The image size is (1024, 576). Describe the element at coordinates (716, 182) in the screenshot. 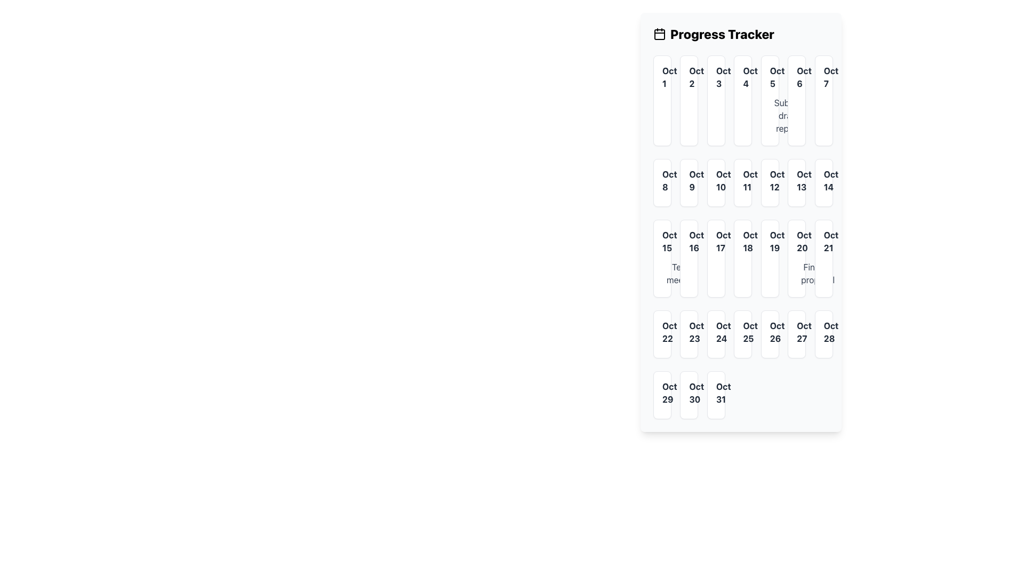

I see `the Calendar date item displaying 'Oct 10', which is a styled rectangular box with a white background and bold dark gray text` at that location.